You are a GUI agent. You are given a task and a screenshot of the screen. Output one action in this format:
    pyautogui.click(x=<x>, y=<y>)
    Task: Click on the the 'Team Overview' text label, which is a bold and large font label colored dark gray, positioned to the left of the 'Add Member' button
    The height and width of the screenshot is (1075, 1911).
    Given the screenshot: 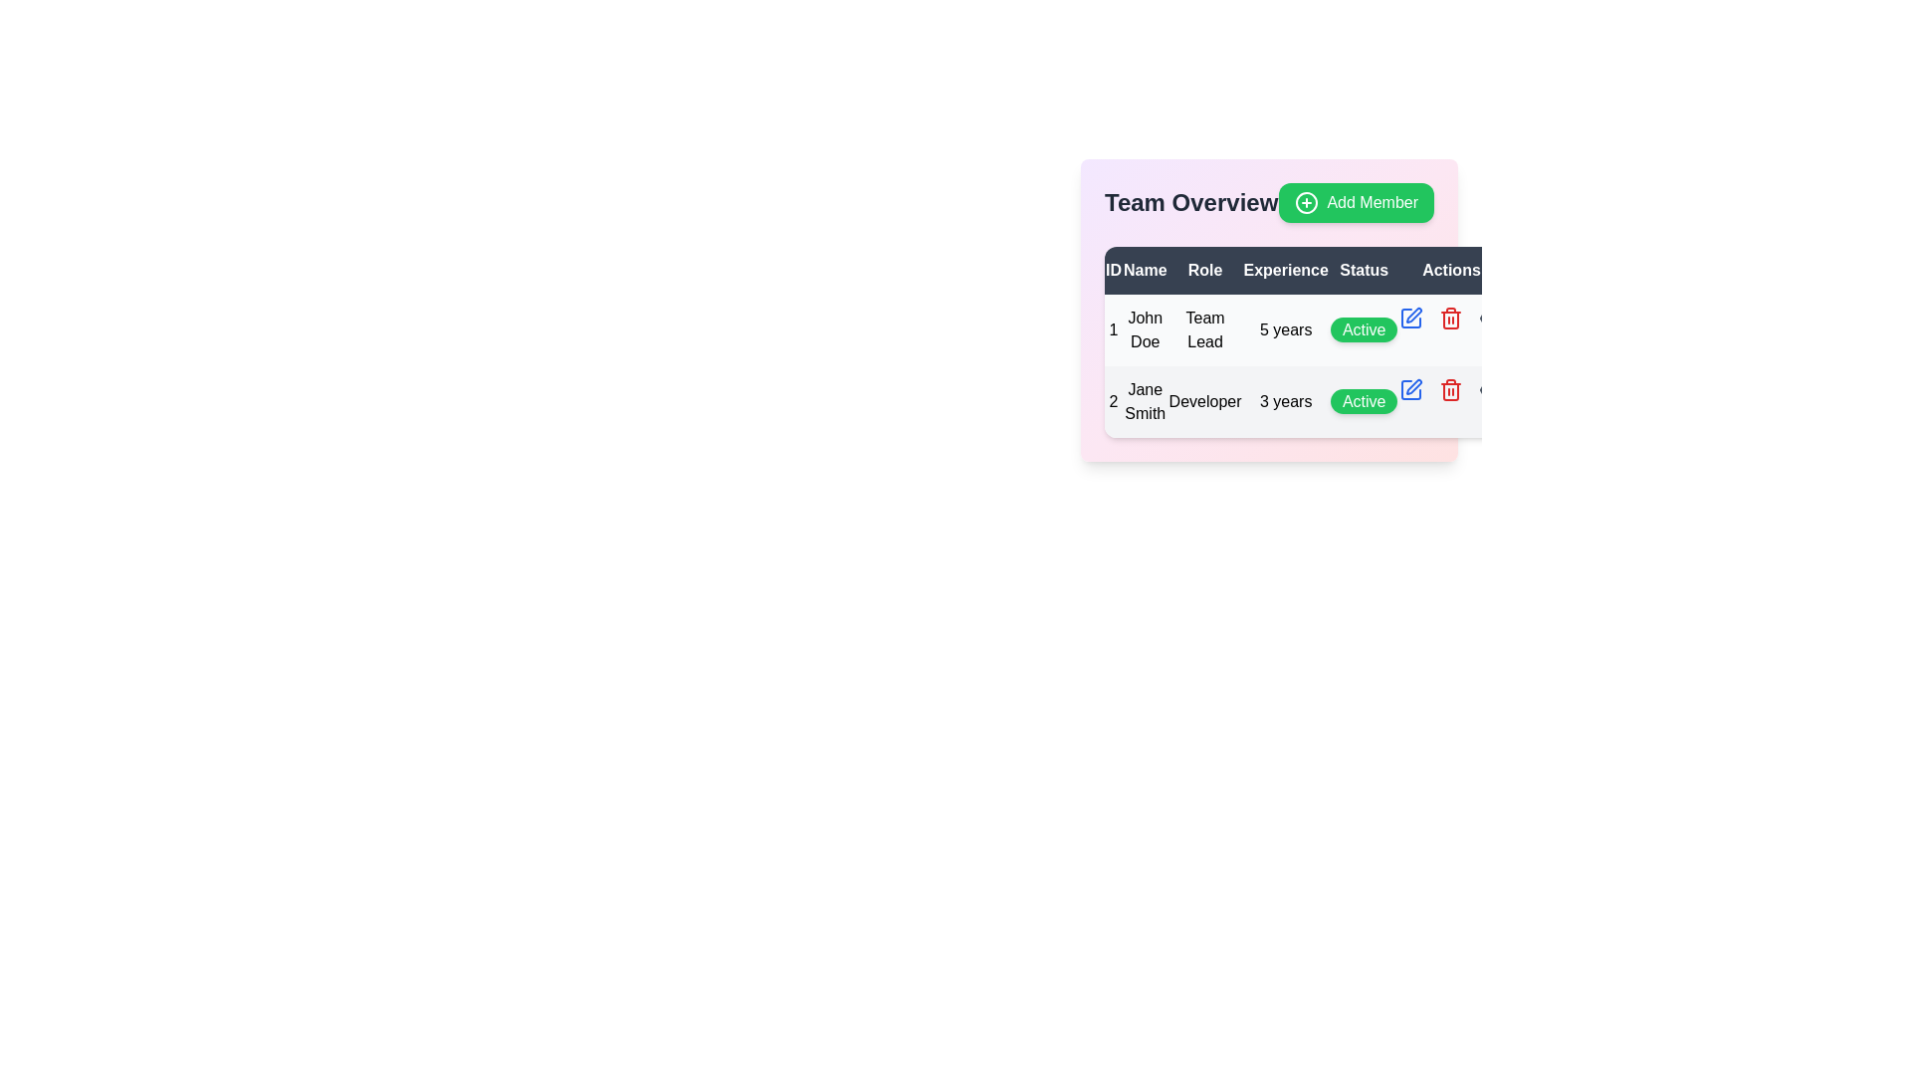 What is the action you would take?
    pyautogui.click(x=1191, y=203)
    